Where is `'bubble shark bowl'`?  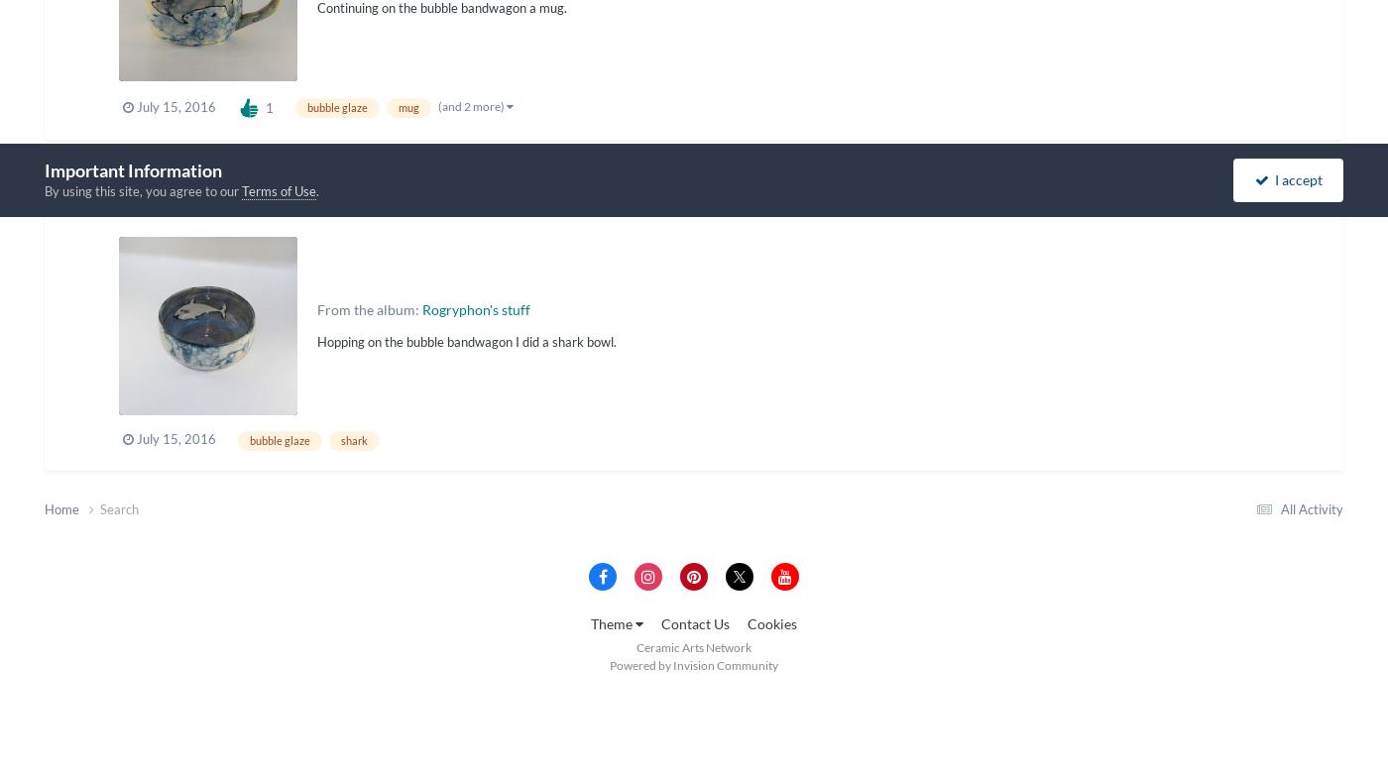 'bubble shark bowl' is located at coordinates (196, 178).